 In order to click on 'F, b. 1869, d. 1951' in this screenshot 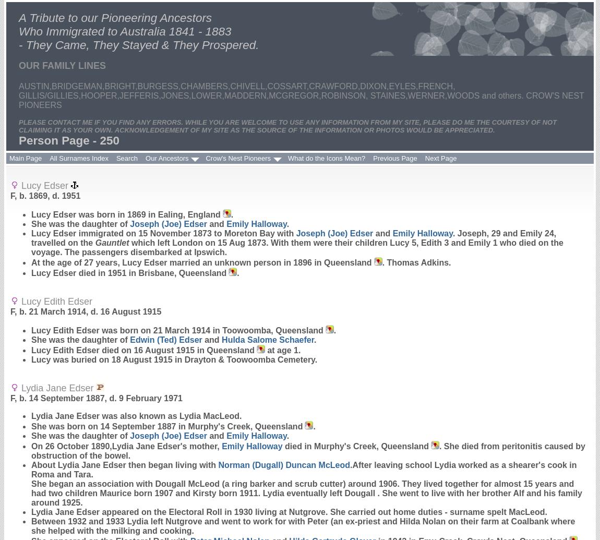, I will do `click(10, 196)`.